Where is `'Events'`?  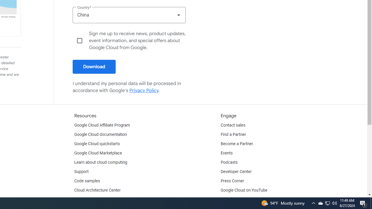
'Events' is located at coordinates (226, 153).